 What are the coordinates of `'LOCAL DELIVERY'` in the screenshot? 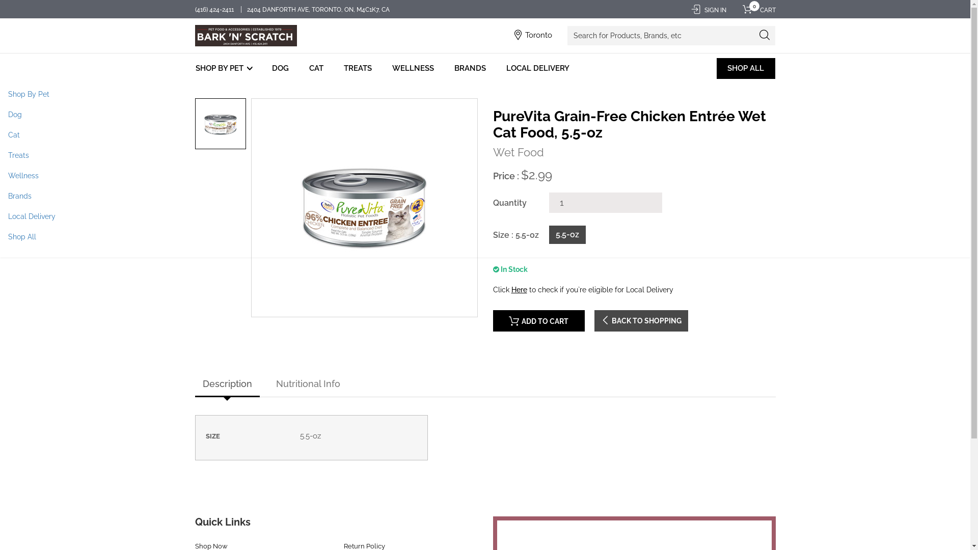 It's located at (537, 68).